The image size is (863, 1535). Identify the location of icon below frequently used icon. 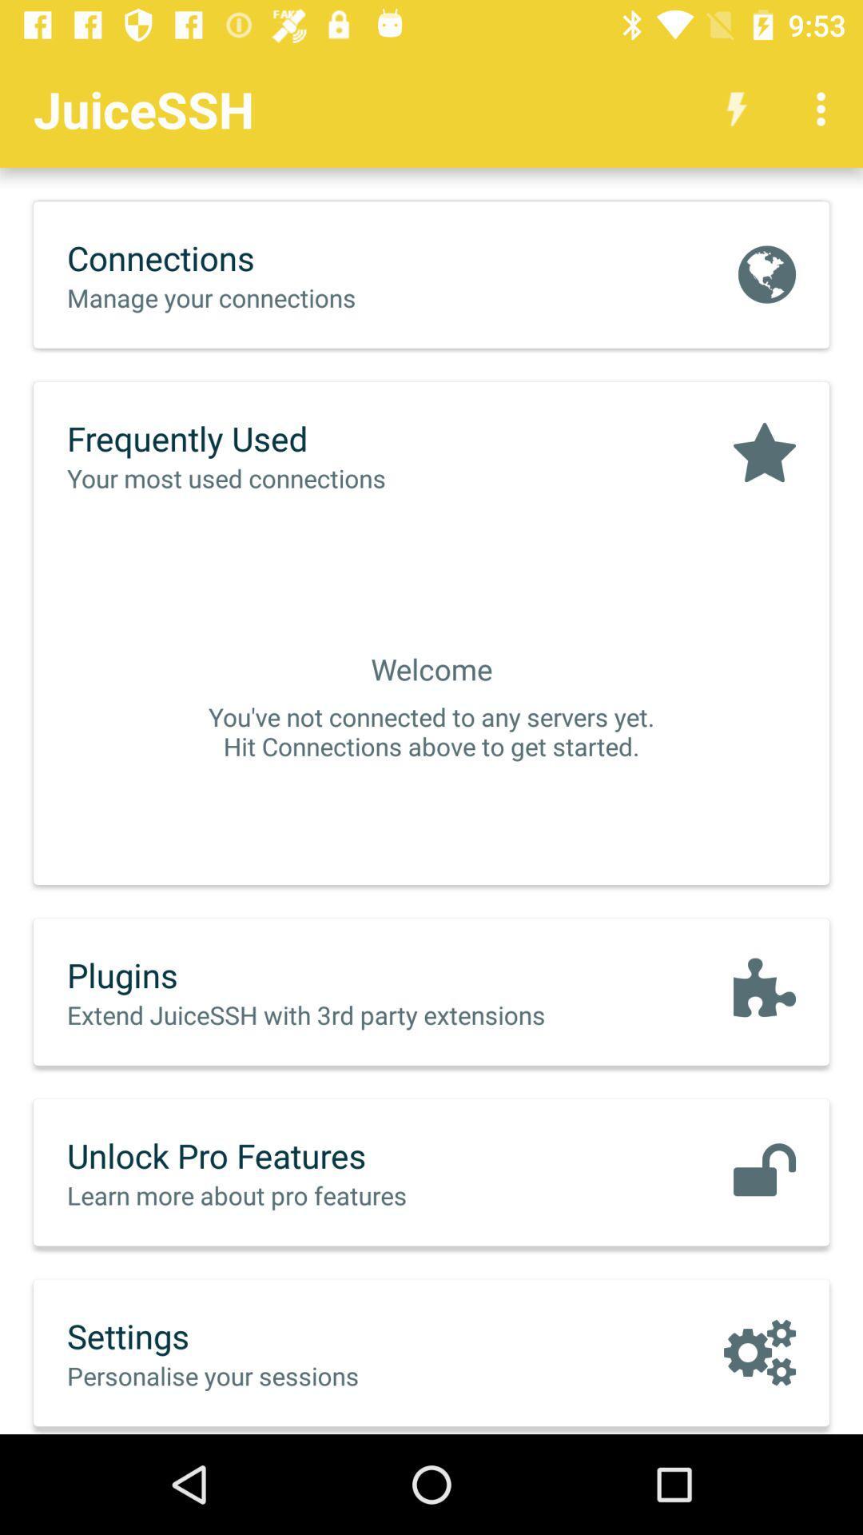
(259, 477).